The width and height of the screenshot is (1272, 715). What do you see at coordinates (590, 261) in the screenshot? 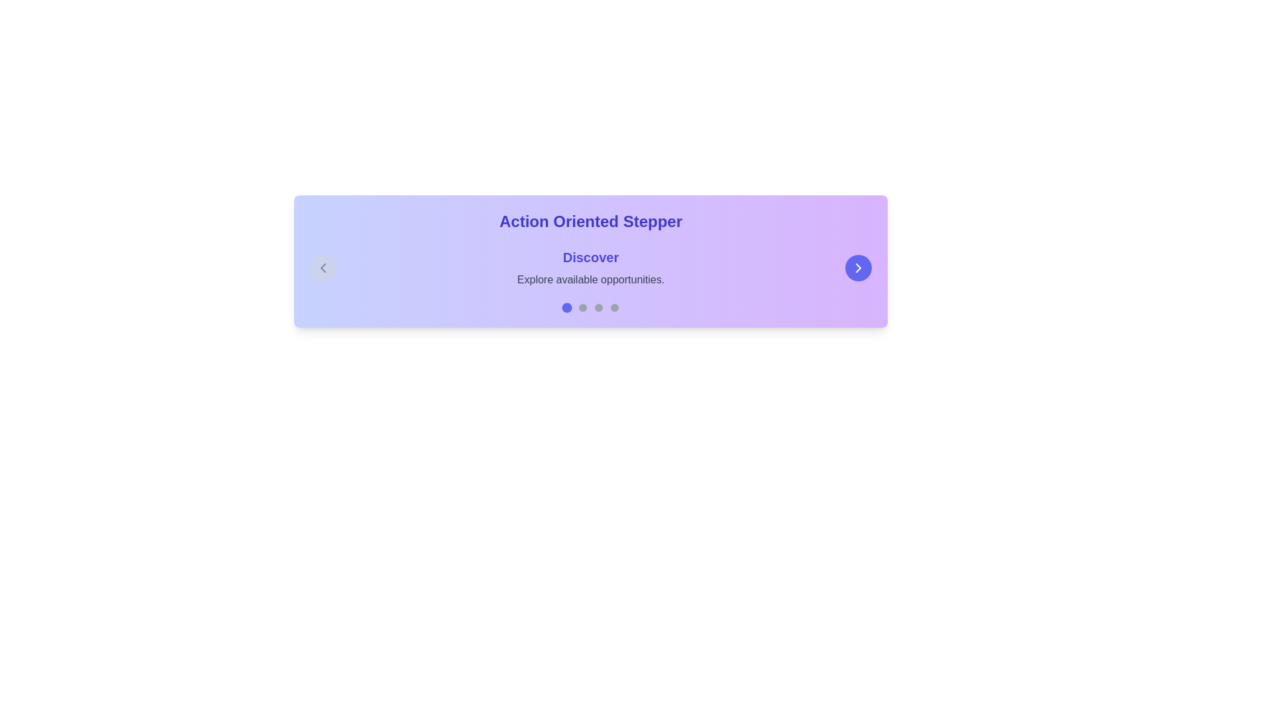
I see `the 'Action Oriented Stepper' component, which features a gradient background and contains navigation buttons on either side and step indicators below` at bounding box center [590, 261].